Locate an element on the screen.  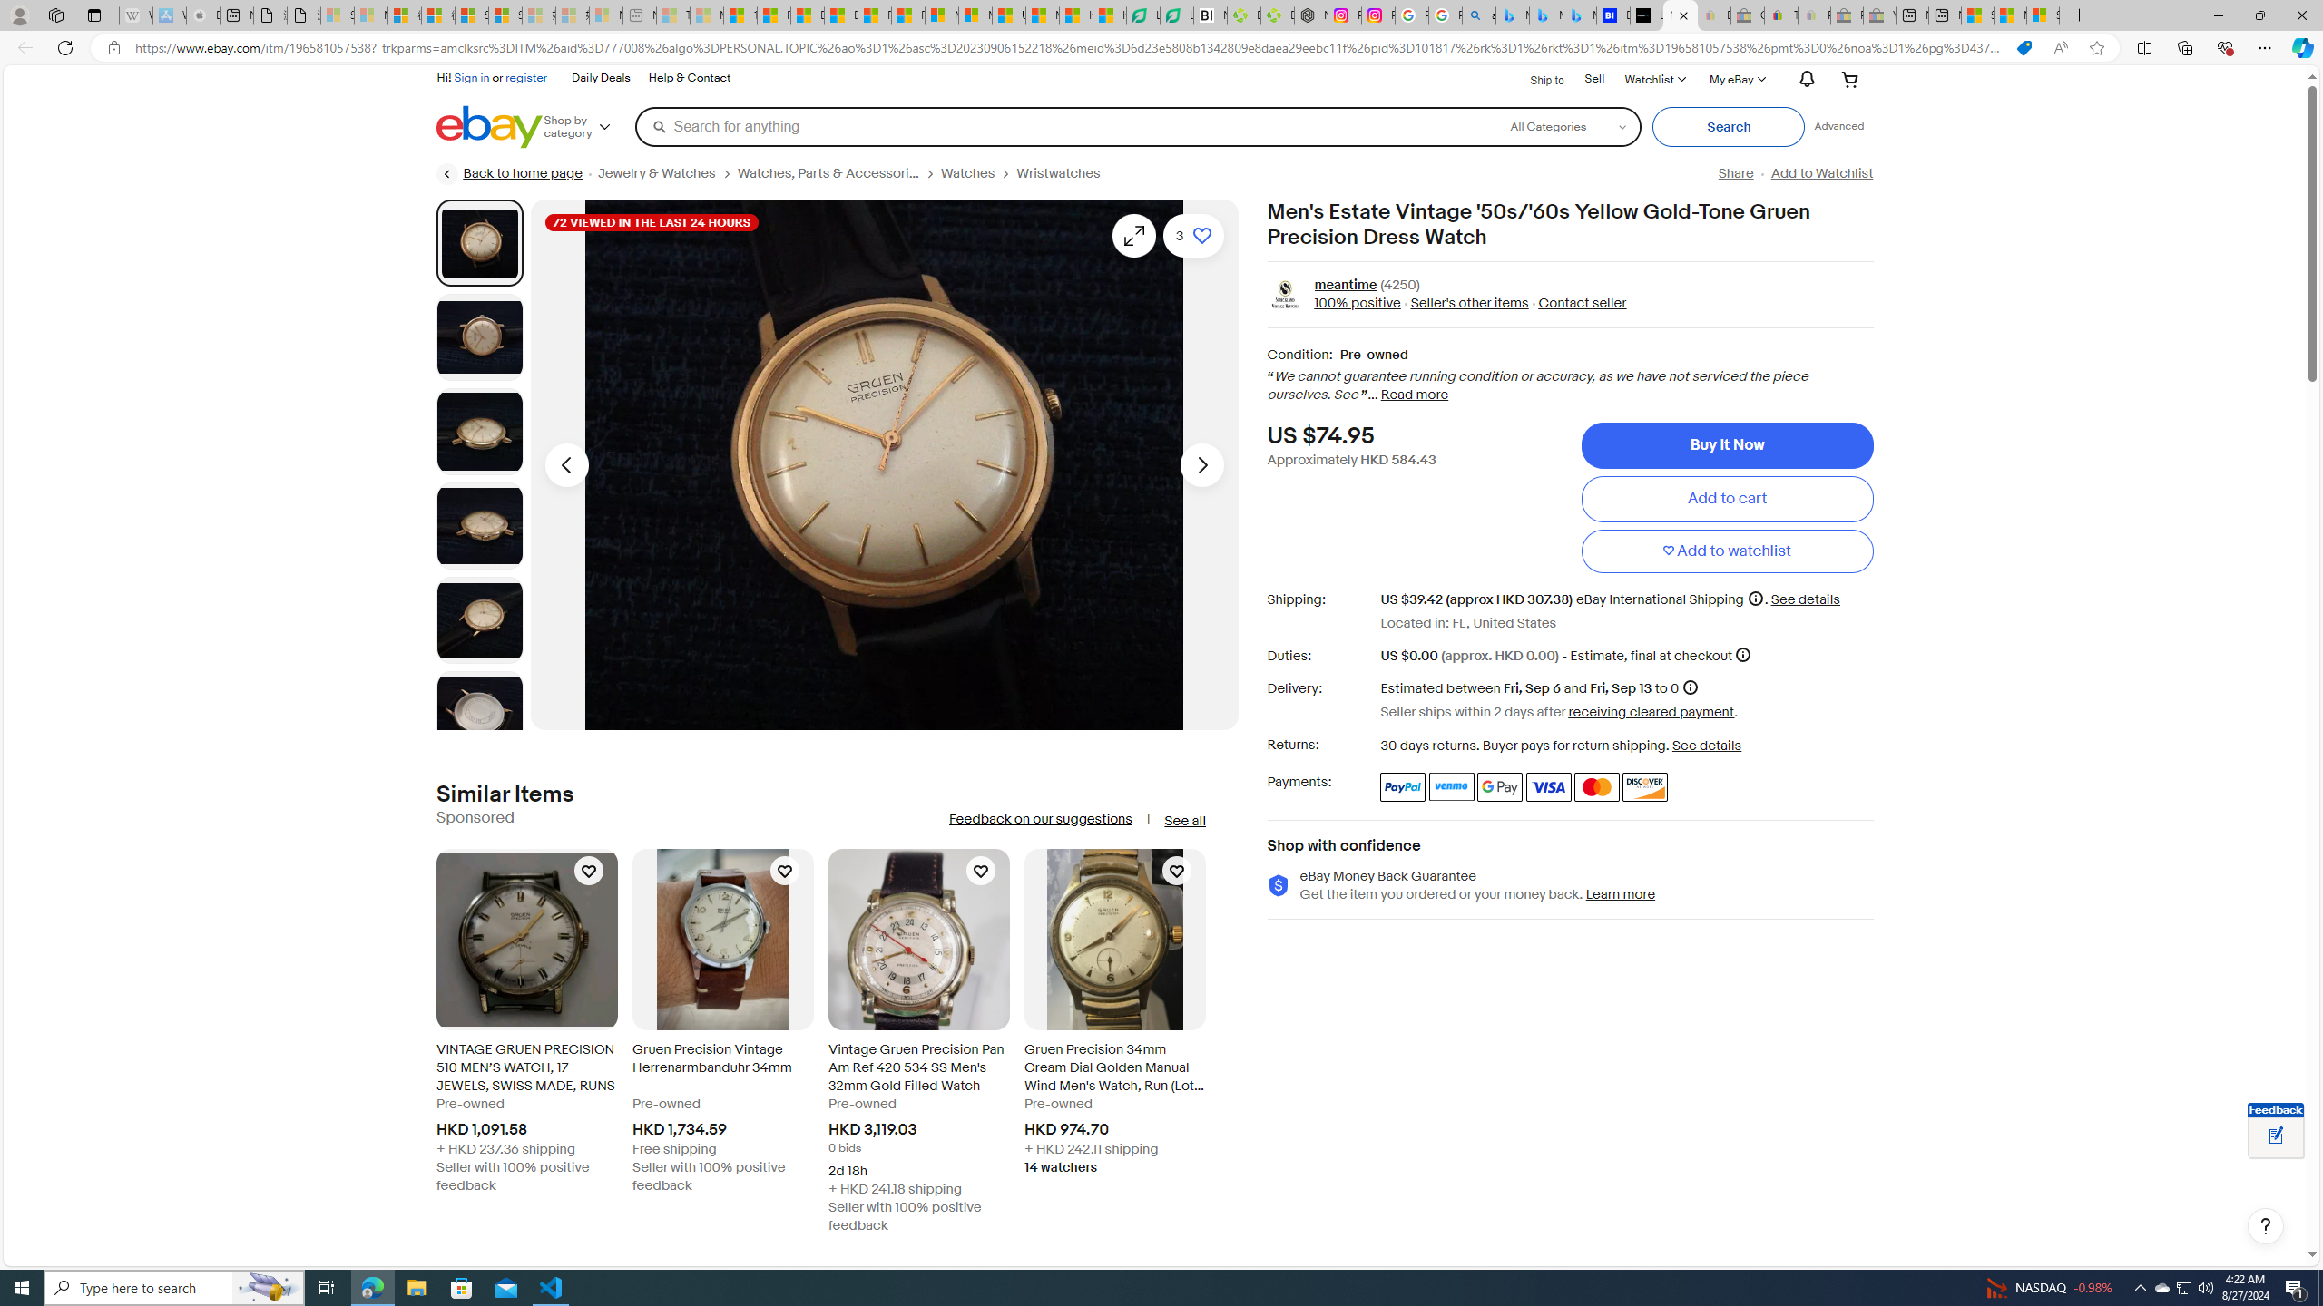
'Picture 5 of 8' is located at coordinates (478, 619).